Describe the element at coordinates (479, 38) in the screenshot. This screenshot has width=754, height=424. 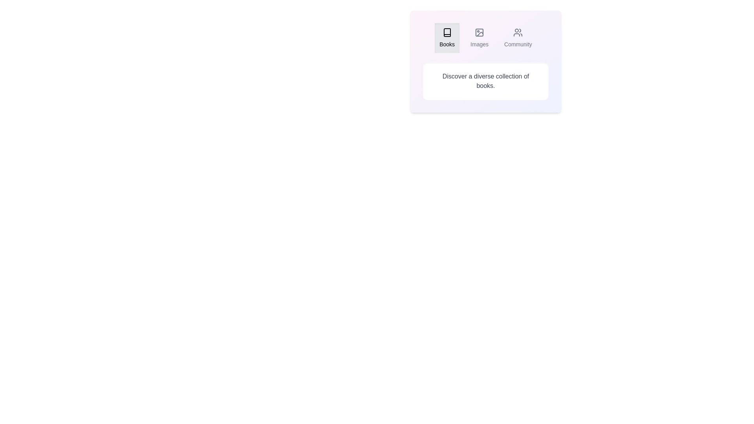
I see `the Images tab by clicking on its button` at that location.